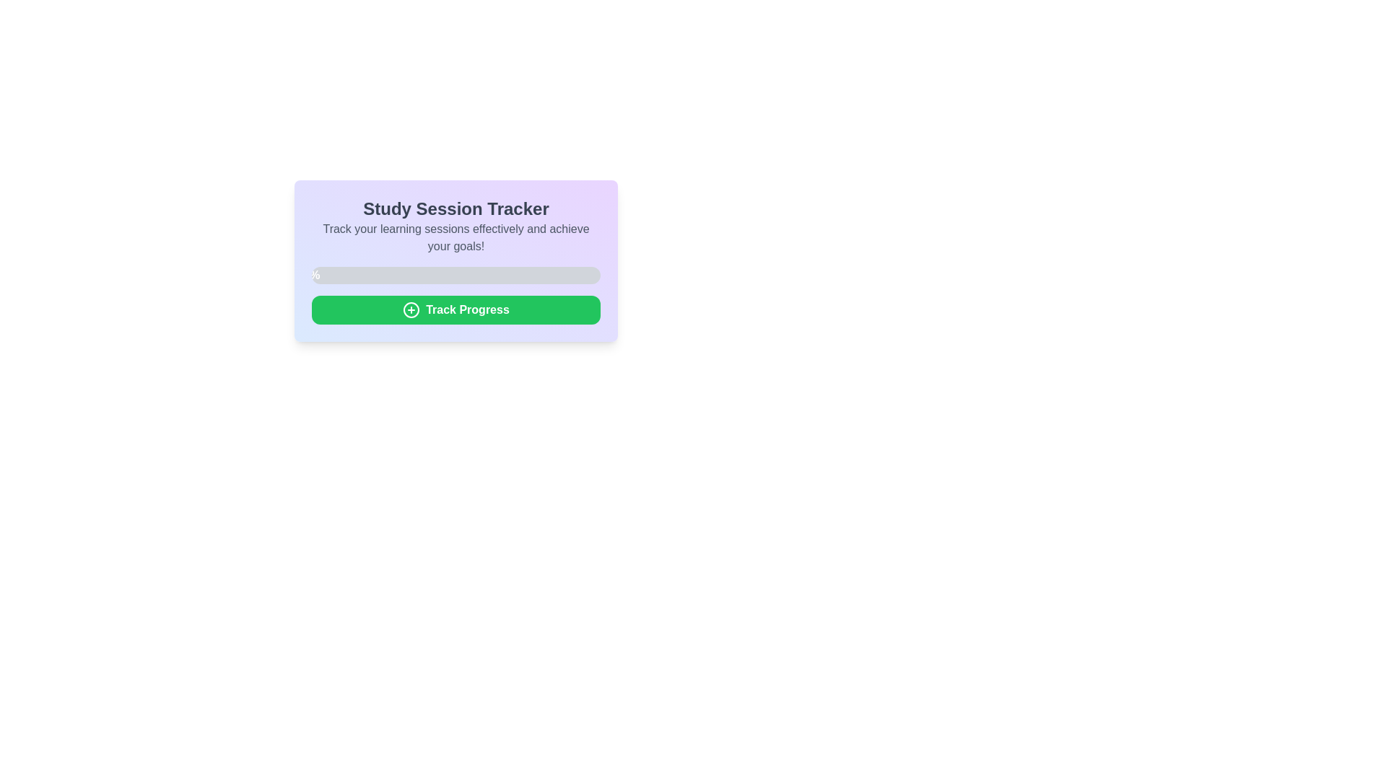 The image size is (1386, 779). What do you see at coordinates (456, 309) in the screenshot?
I see `the progress tracking button located in the 'Study Session Tracker' section below the '0%' progress bar` at bounding box center [456, 309].